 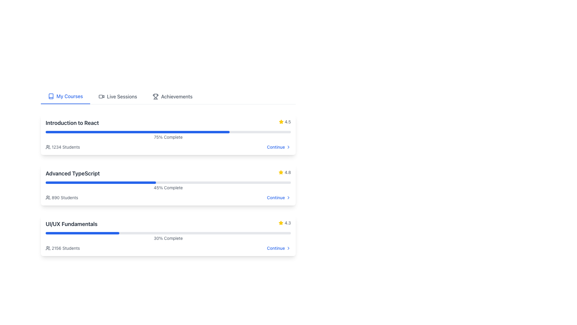 I want to click on the right-pointing chevron icon located immediately to the right of the 'Continue' text in the 'UI/UX Fundamentals' section, so click(x=288, y=248).